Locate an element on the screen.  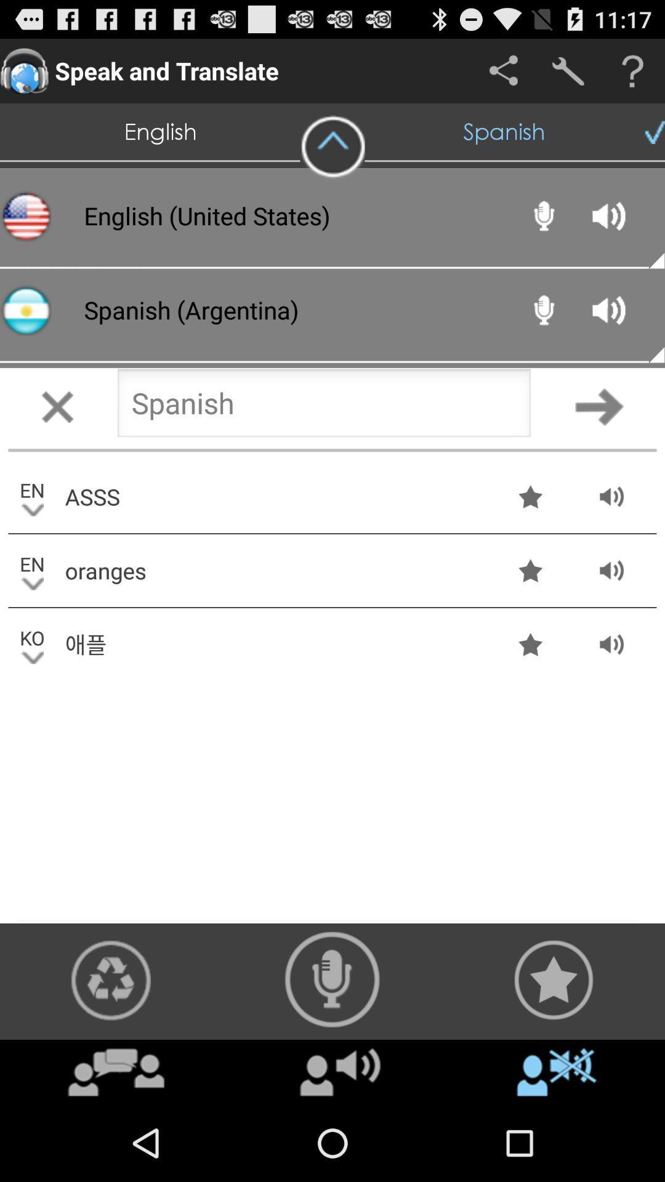
settings is located at coordinates (568, 70).